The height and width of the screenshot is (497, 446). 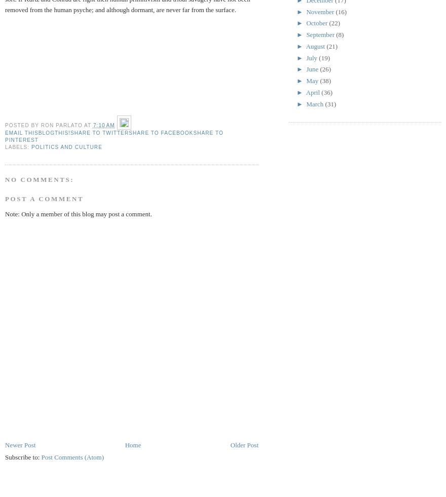 I want to click on 'Subscribe to:', so click(x=23, y=456).